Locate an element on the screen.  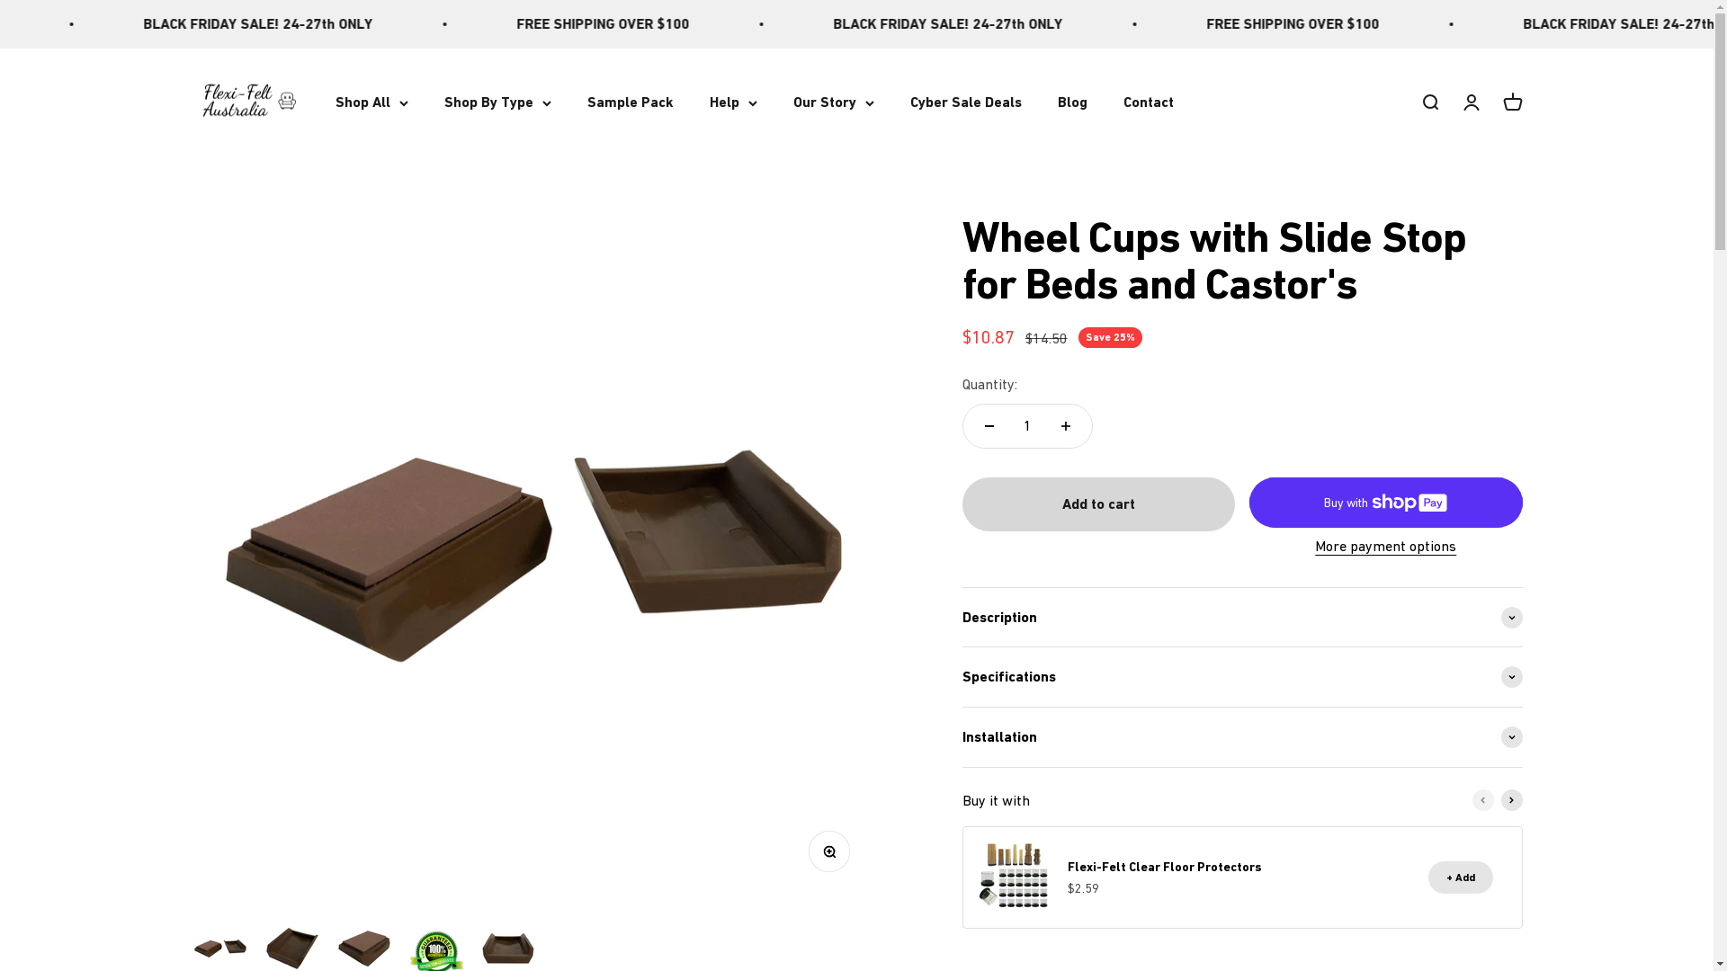
'Blog' is located at coordinates (1058, 102).